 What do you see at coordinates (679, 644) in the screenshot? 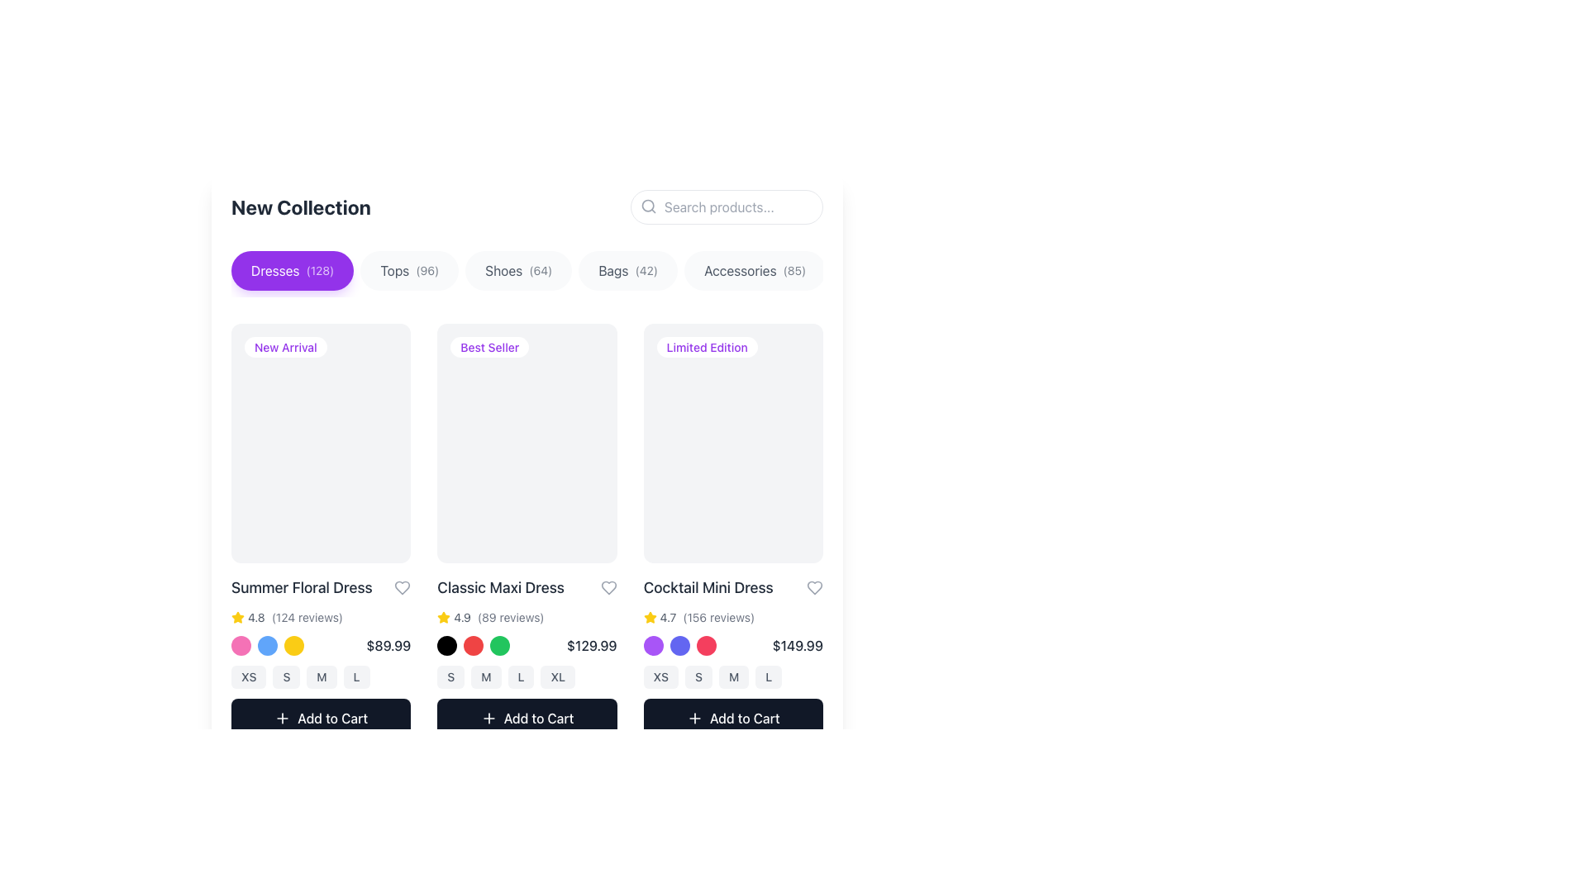
I see `the second circular color picker button for the 'Cocktail Mini Dress' product within its group of color options` at bounding box center [679, 644].